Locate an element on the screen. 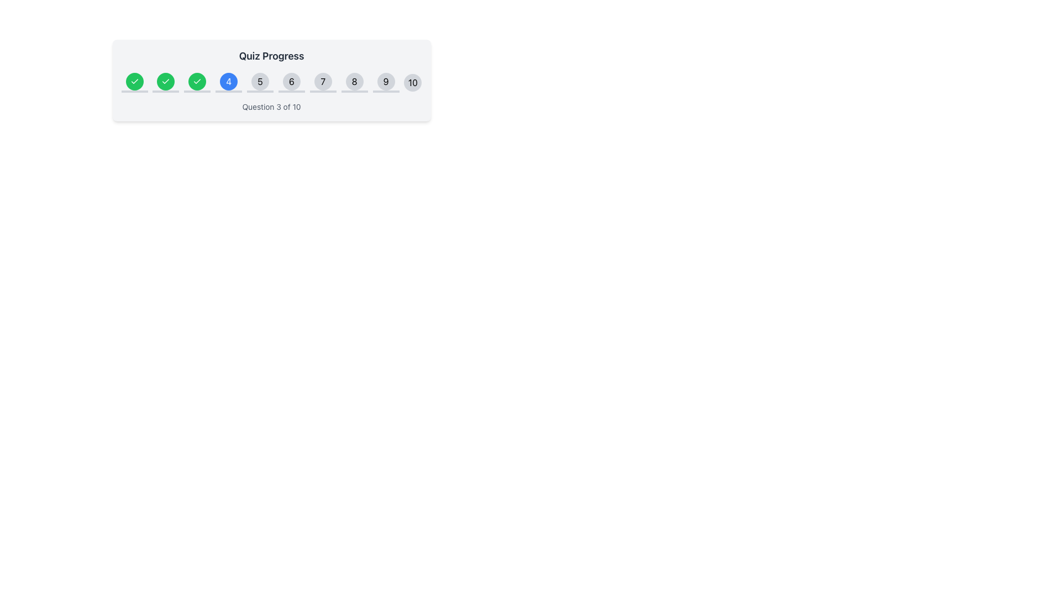  the tenth stage indicator, which is the last circular element in a horizontal sequence of numbered indicators from '1' to '10' is located at coordinates (412, 82).